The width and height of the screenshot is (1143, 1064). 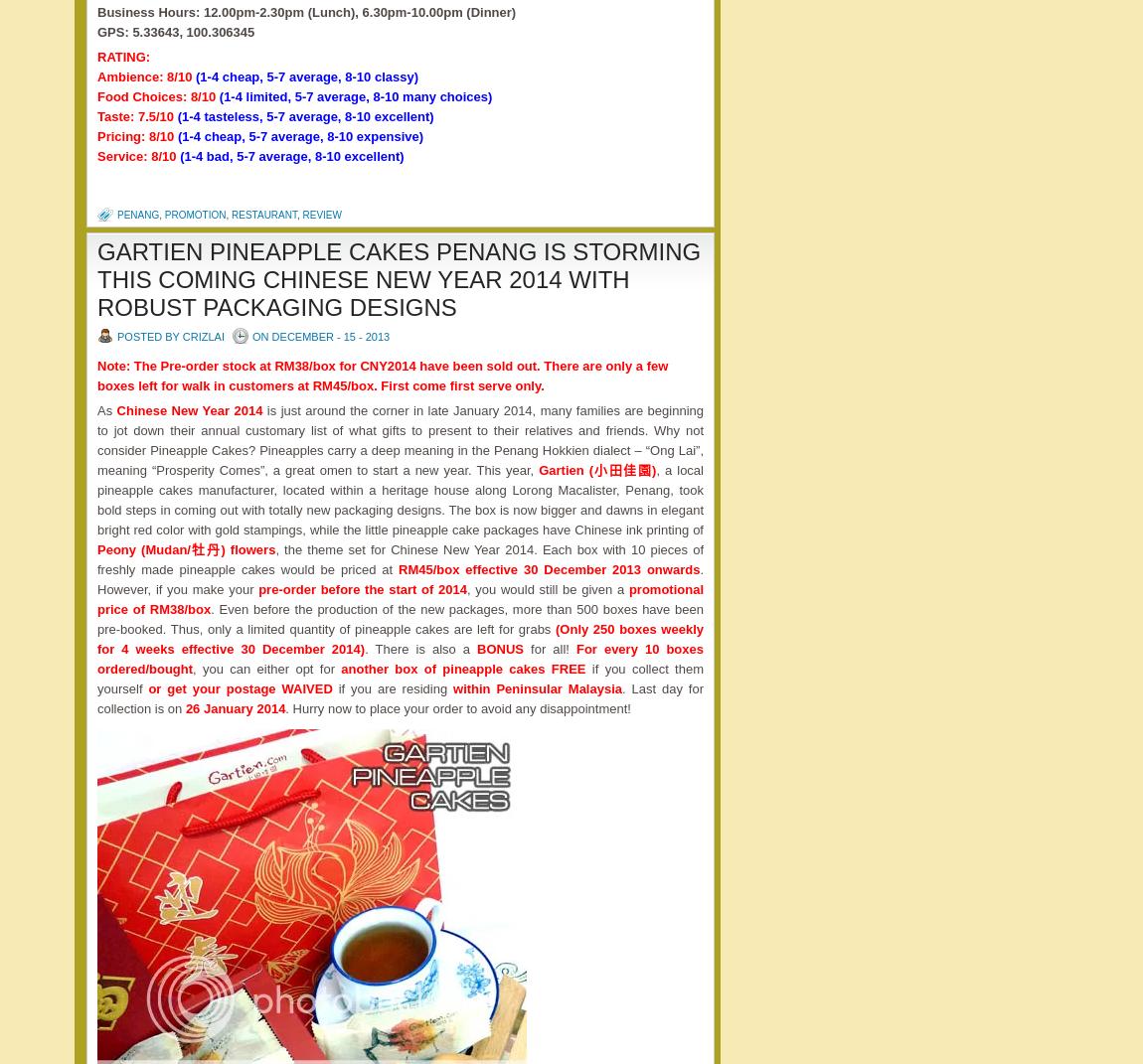 What do you see at coordinates (291, 155) in the screenshot?
I see `'(1-4 bad, 5-7 average, 8-10 excellent)'` at bounding box center [291, 155].